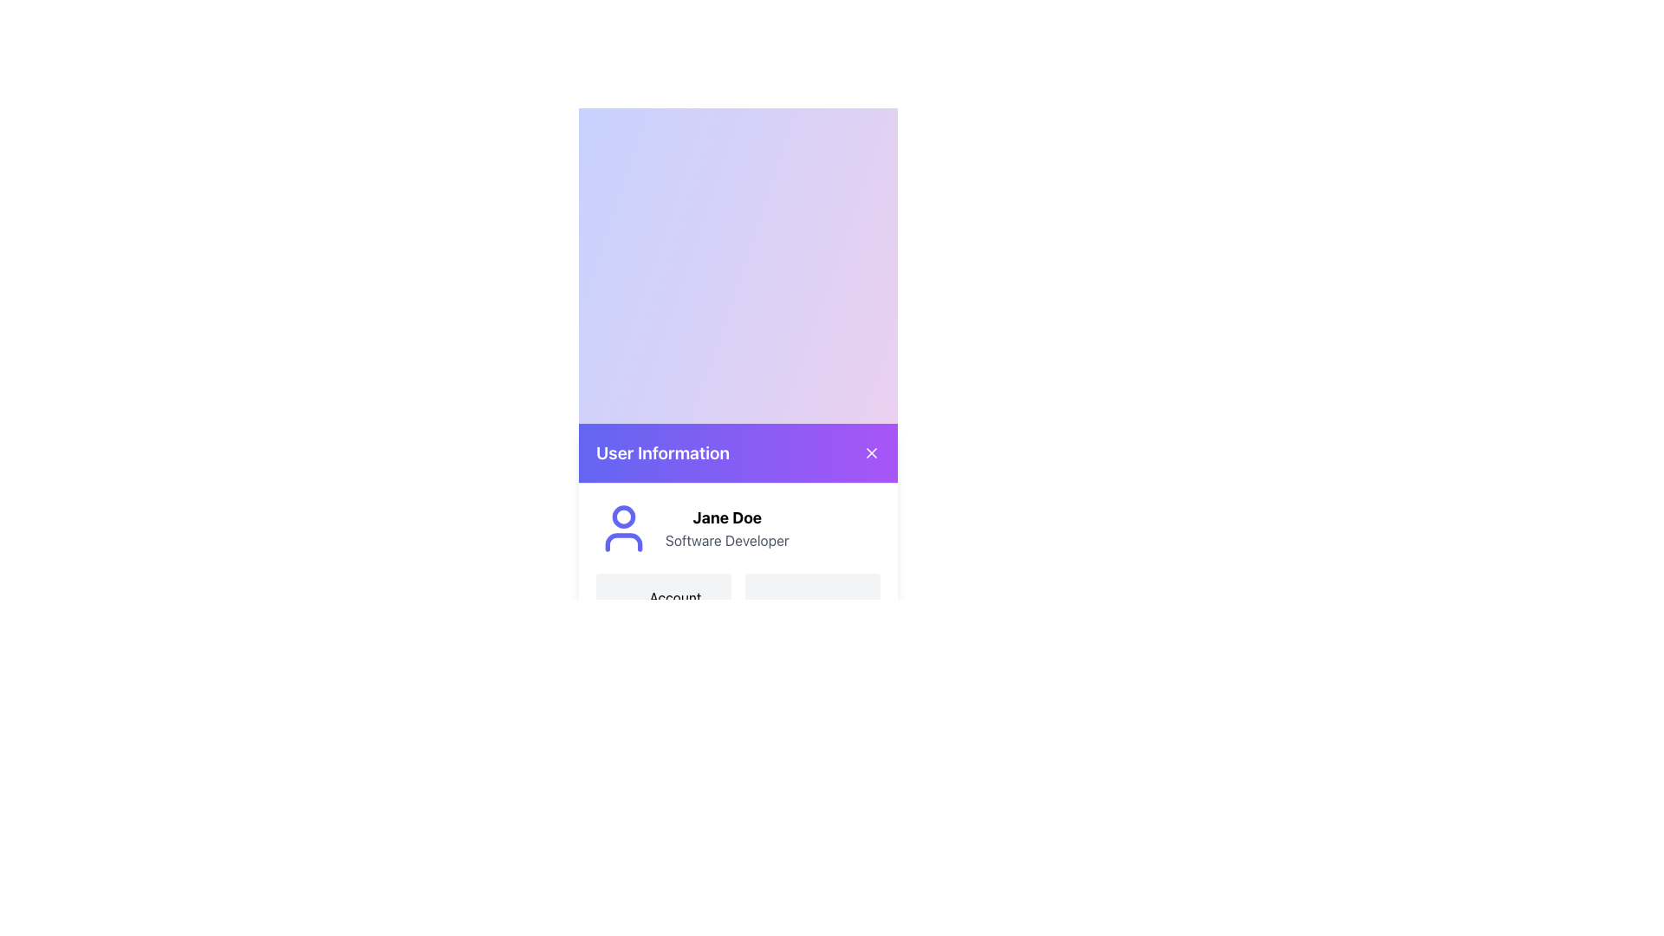 This screenshot has width=1664, height=936. Describe the element at coordinates (663, 607) in the screenshot. I see `the account settings button located below the user's profile information` at that location.